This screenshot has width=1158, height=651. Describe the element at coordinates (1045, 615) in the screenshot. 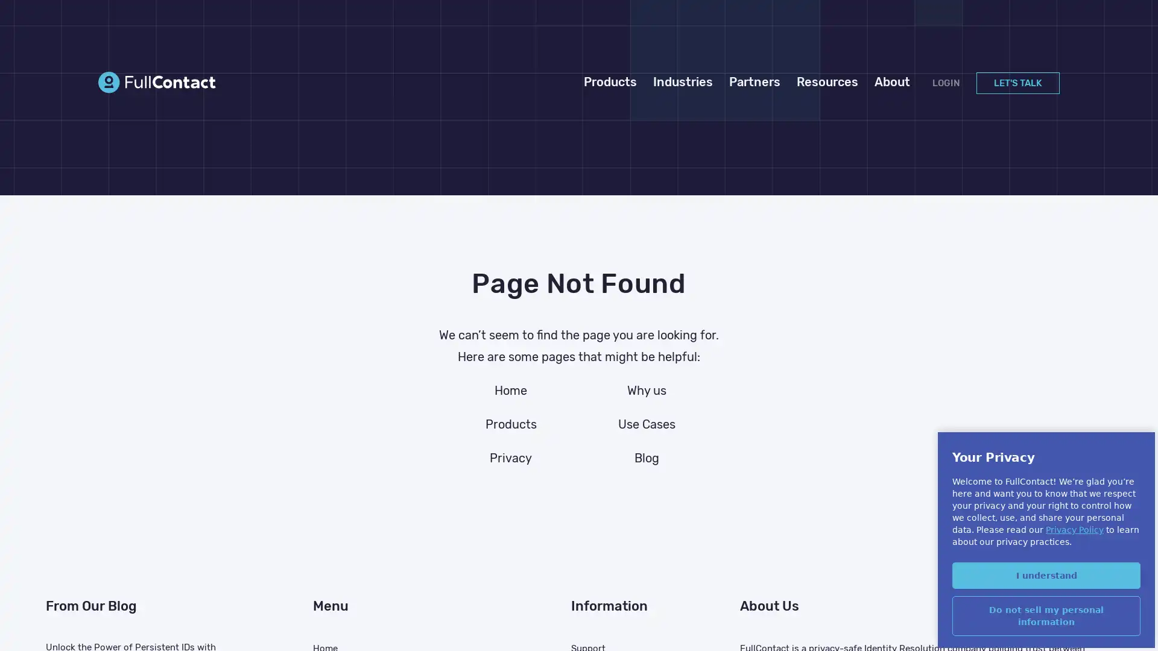

I see `Do not sell my personal information` at that location.